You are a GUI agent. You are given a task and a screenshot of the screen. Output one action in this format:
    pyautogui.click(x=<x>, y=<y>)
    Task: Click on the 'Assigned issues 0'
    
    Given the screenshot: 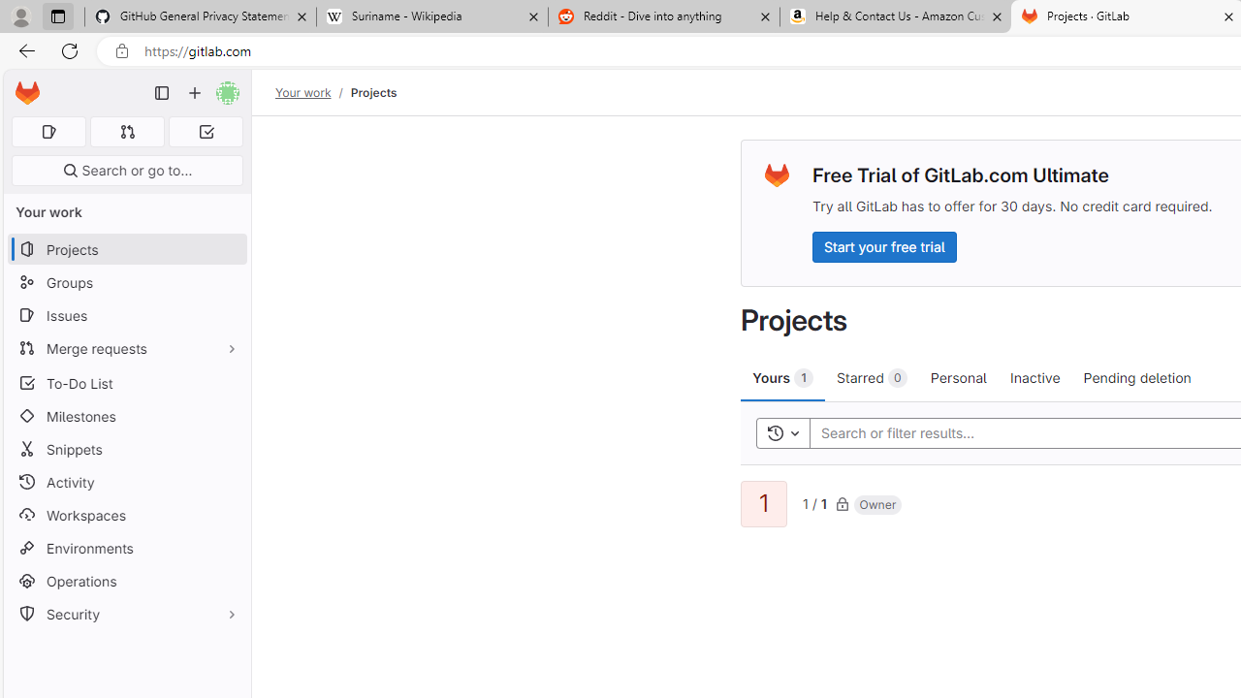 What is the action you would take?
    pyautogui.click(x=48, y=131)
    